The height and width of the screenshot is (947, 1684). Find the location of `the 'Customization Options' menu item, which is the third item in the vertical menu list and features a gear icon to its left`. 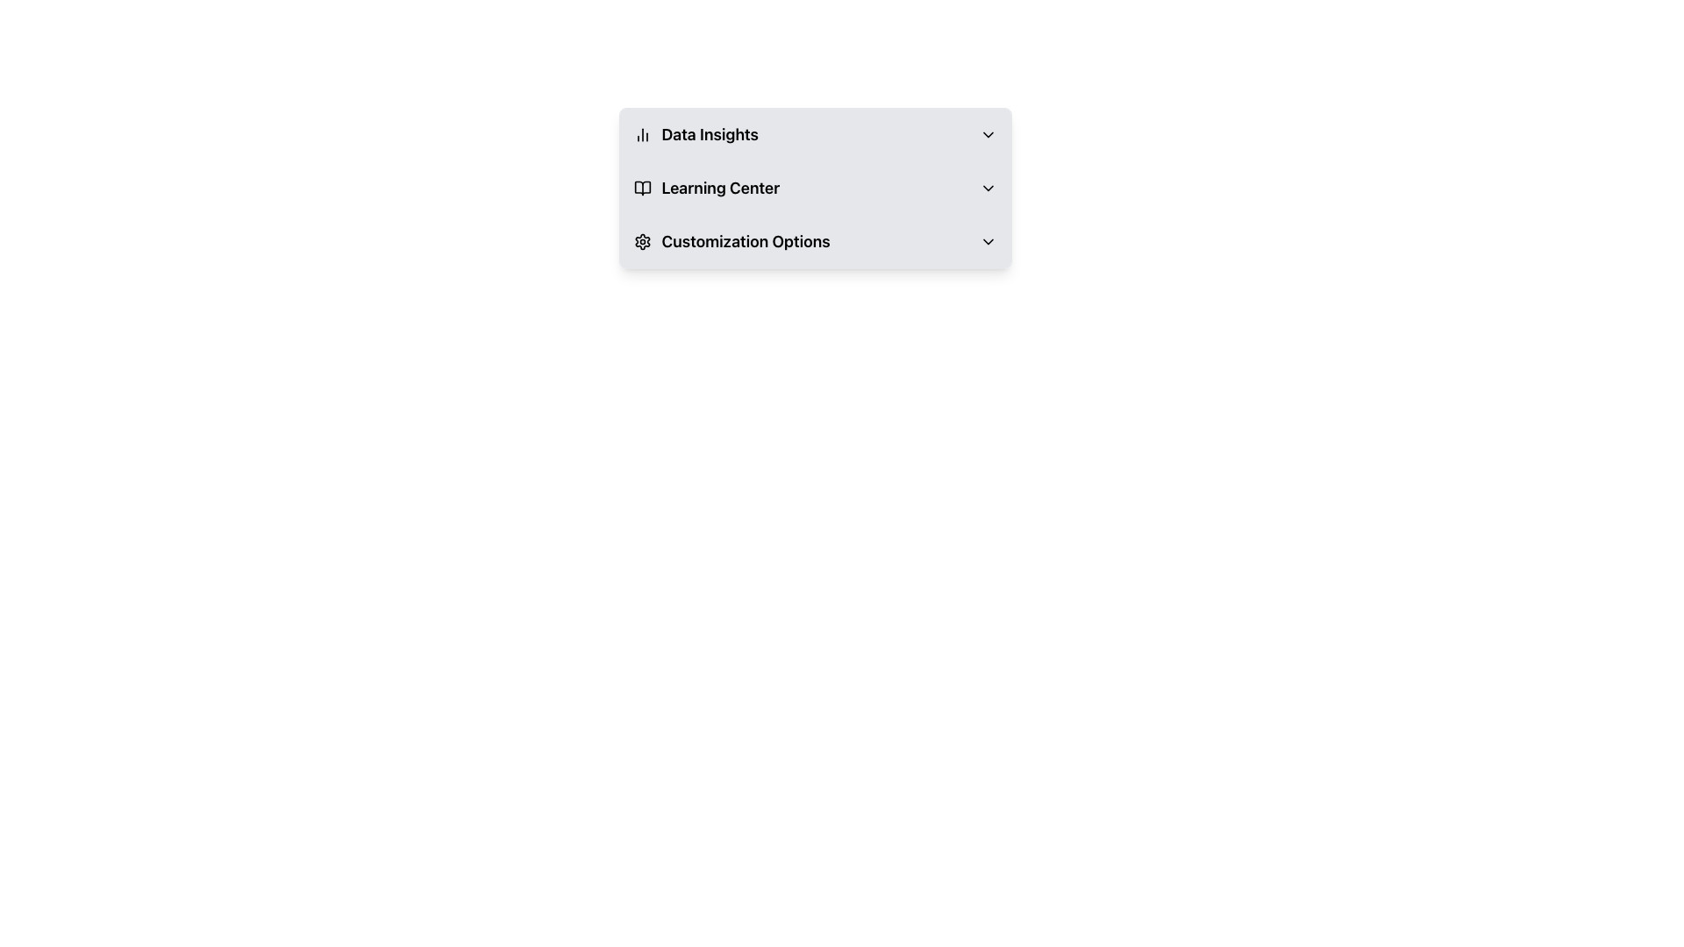

the 'Customization Options' menu item, which is the third item in the vertical menu list and features a gear icon to its left is located at coordinates (731, 242).